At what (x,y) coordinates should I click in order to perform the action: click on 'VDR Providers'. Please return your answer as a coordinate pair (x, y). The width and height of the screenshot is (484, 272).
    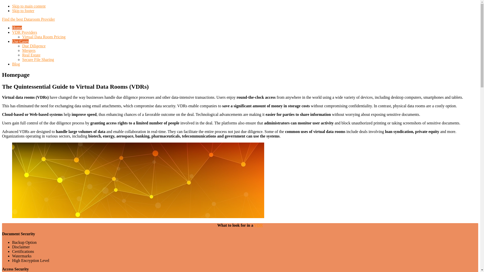
    Looking at the image, I should click on (24, 32).